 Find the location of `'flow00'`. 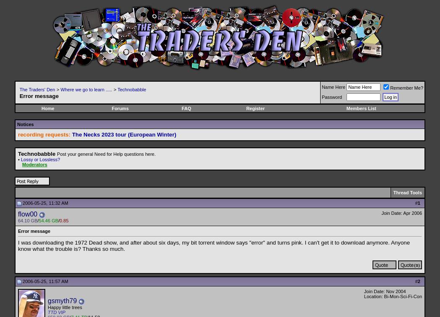

'flow00' is located at coordinates (27, 214).